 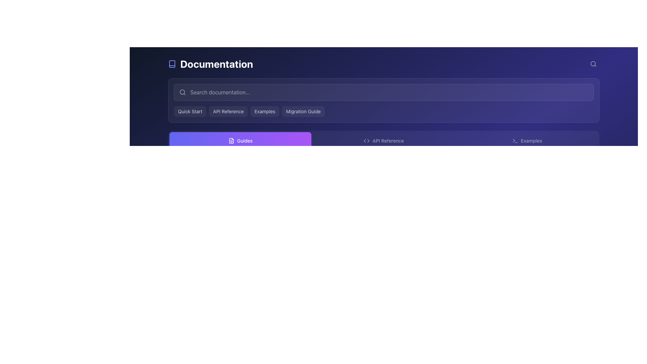 I want to click on the vibrant gradient button labeled 'Guides' with rounded corners and a document icon, so click(x=240, y=140).